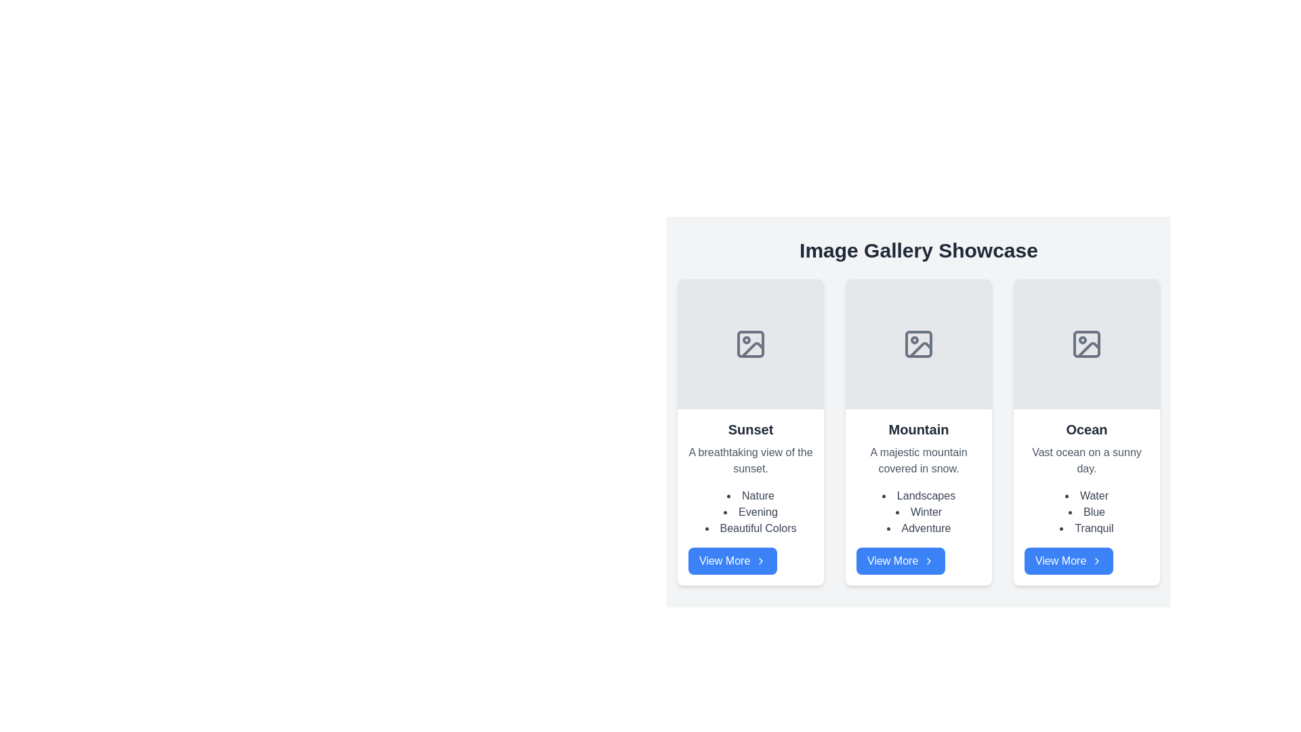 The height and width of the screenshot is (732, 1301). Describe the element at coordinates (1068, 561) in the screenshot. I see `the third button located at the bottom of the rightmost 'Ocean' panel to initiate the action` at that location.